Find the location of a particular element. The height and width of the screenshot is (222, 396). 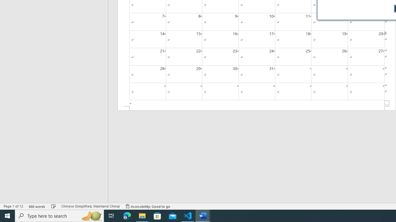

'Task View' is located at coordinates (111, 215).